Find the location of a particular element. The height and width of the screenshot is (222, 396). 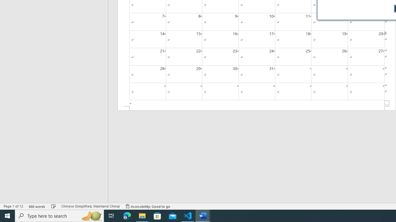

'Task View' is located at coordinates (111, 215).